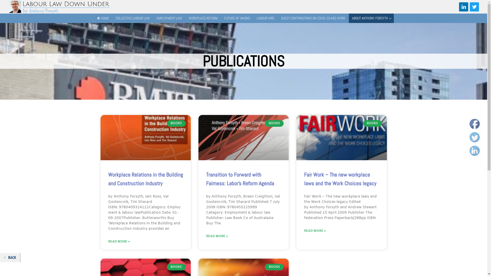  I want to click on 'HOME', so click(103, 18).